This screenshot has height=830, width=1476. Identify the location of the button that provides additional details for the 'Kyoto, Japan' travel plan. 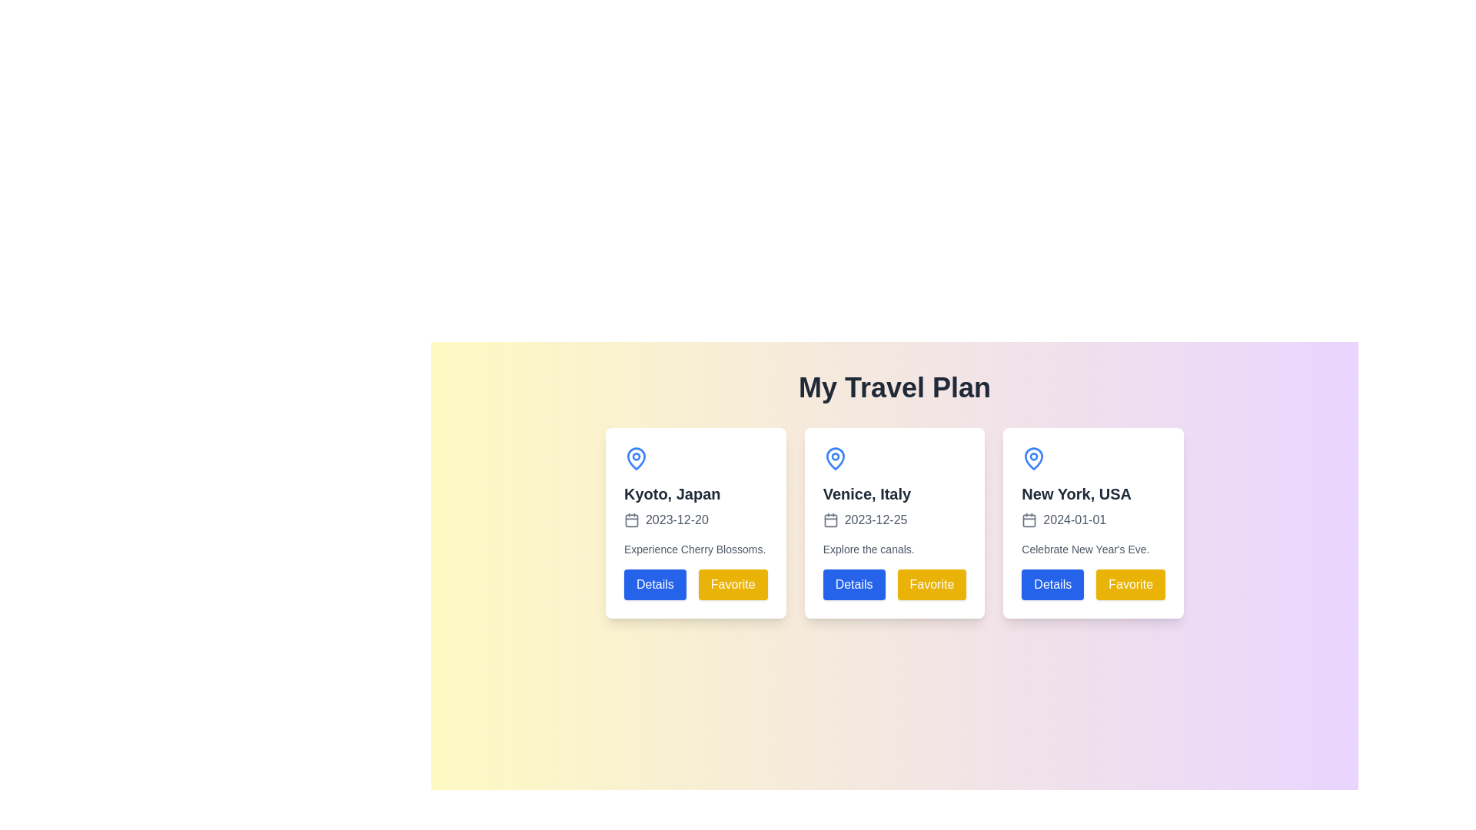
(655, 584).